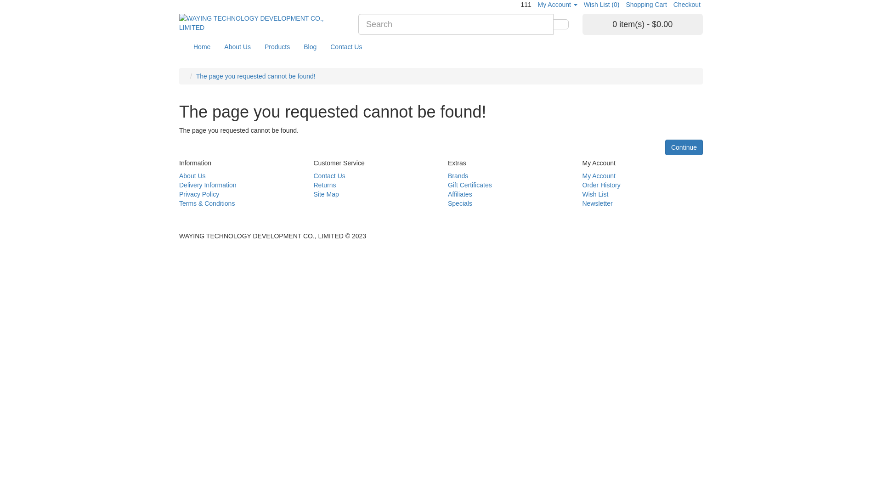 This screenshot has height=496, width=882. Describe the element at coordinates (207, 185) in the screenshot. I see `'Delivery Information'` at that location.